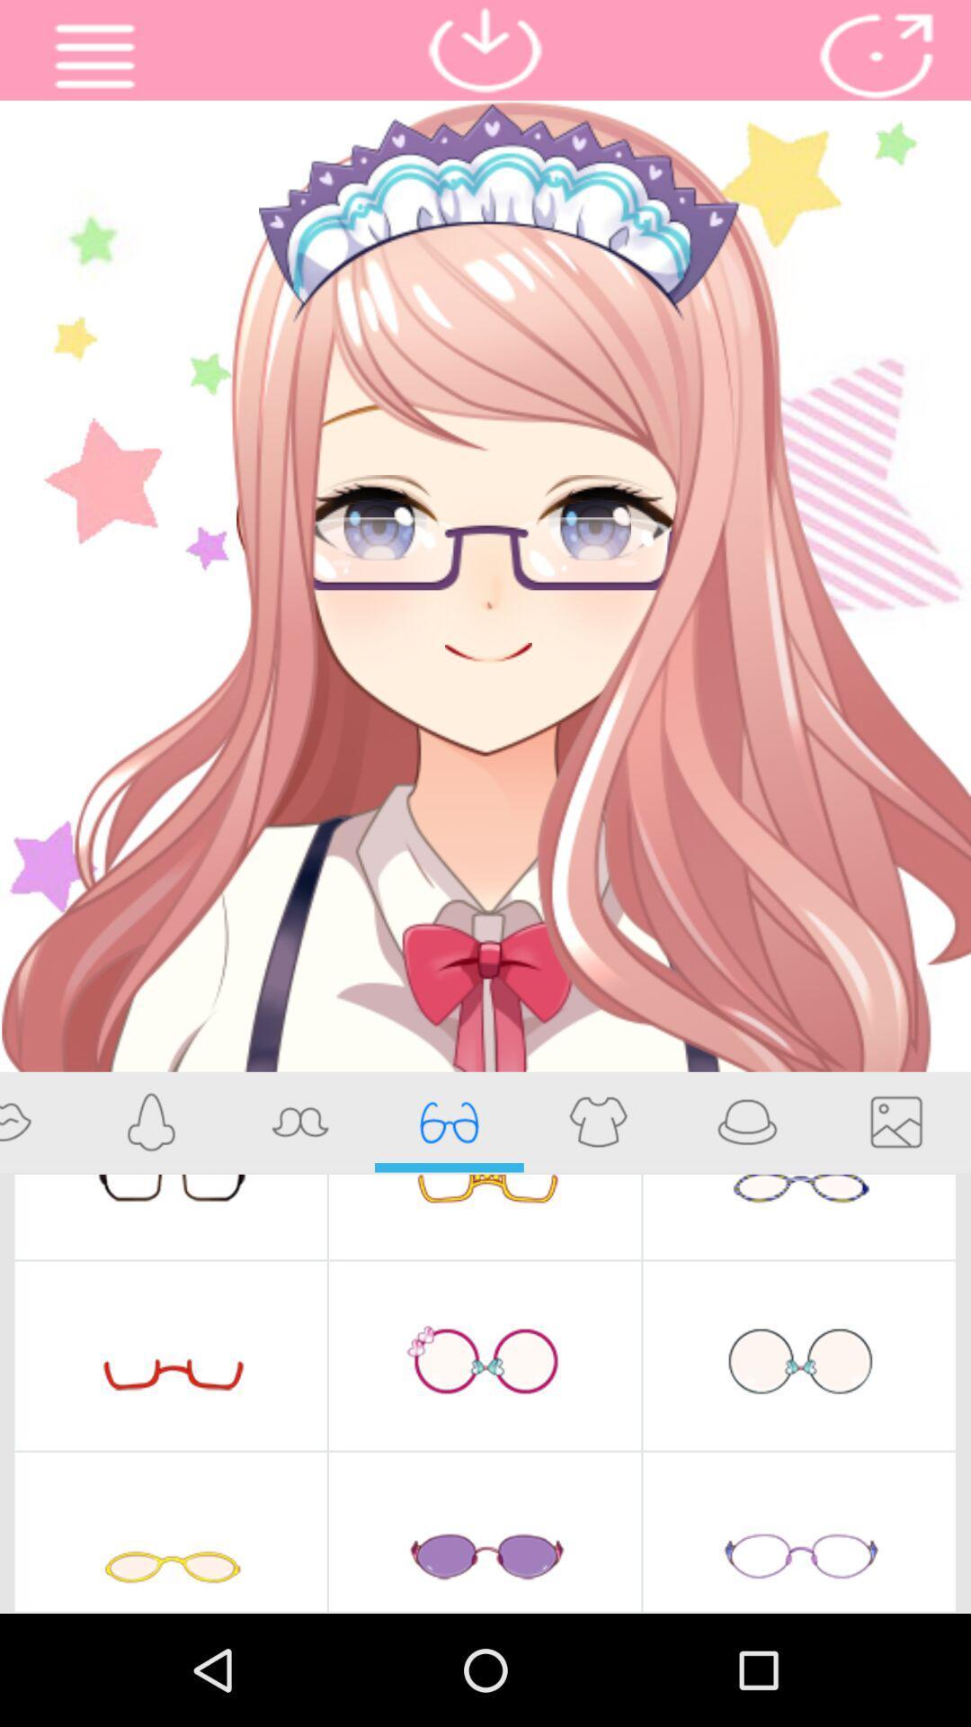  What do you see at coordinates (94, 60) in the screenshot?
I see `the menu icon` at bounding box center [94, 60].